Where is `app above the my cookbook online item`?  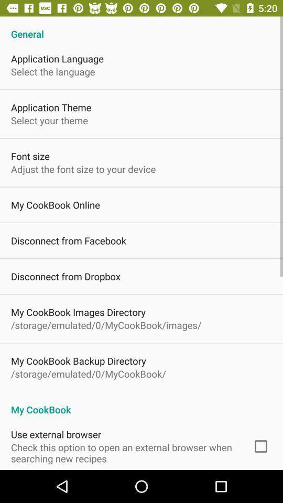
app above the my cookbook online item is located at coordinates (83, 169).